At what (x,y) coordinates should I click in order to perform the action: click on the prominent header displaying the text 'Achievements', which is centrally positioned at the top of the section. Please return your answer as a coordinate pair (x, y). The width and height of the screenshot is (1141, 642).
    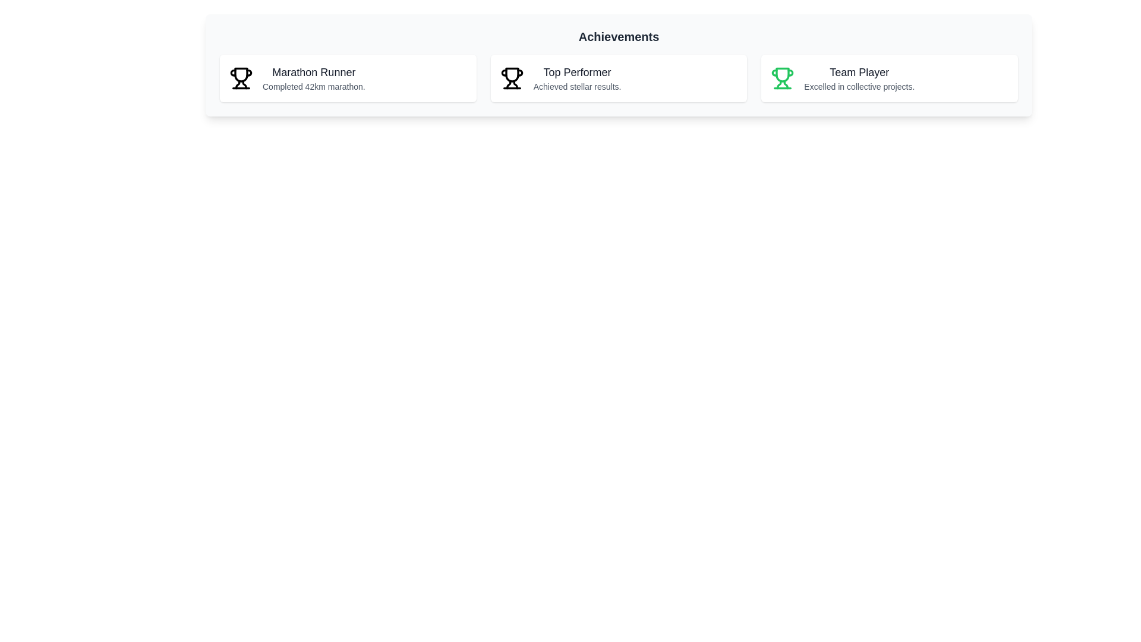
    Looking at the image, I should click on (618, 36).